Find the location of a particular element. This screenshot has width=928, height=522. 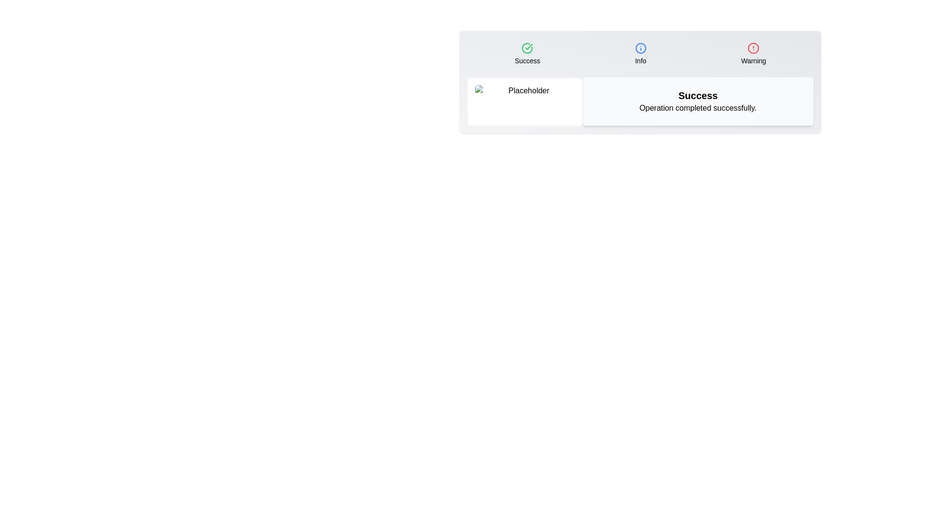

the tab labeled Warning is located at coordinates (753, 54).